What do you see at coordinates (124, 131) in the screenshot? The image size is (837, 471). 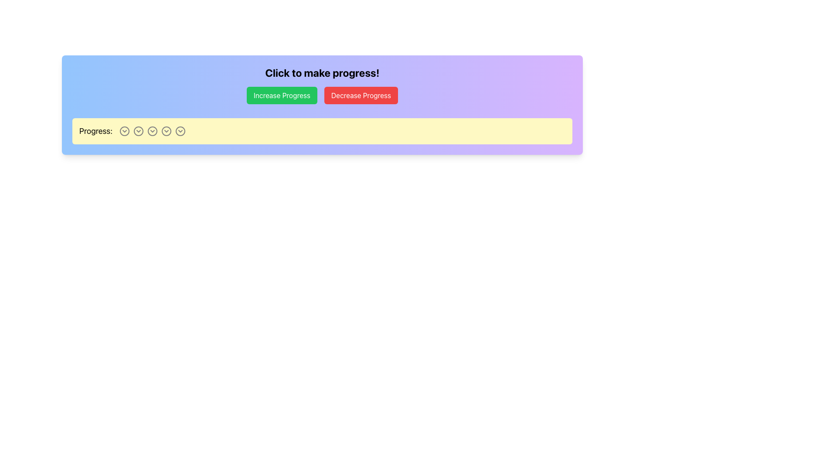 I see `the primary circular shape of the first circular progress indicator, which is part of a decorative element housing additional graphical components` at bounding box center [124, 131].